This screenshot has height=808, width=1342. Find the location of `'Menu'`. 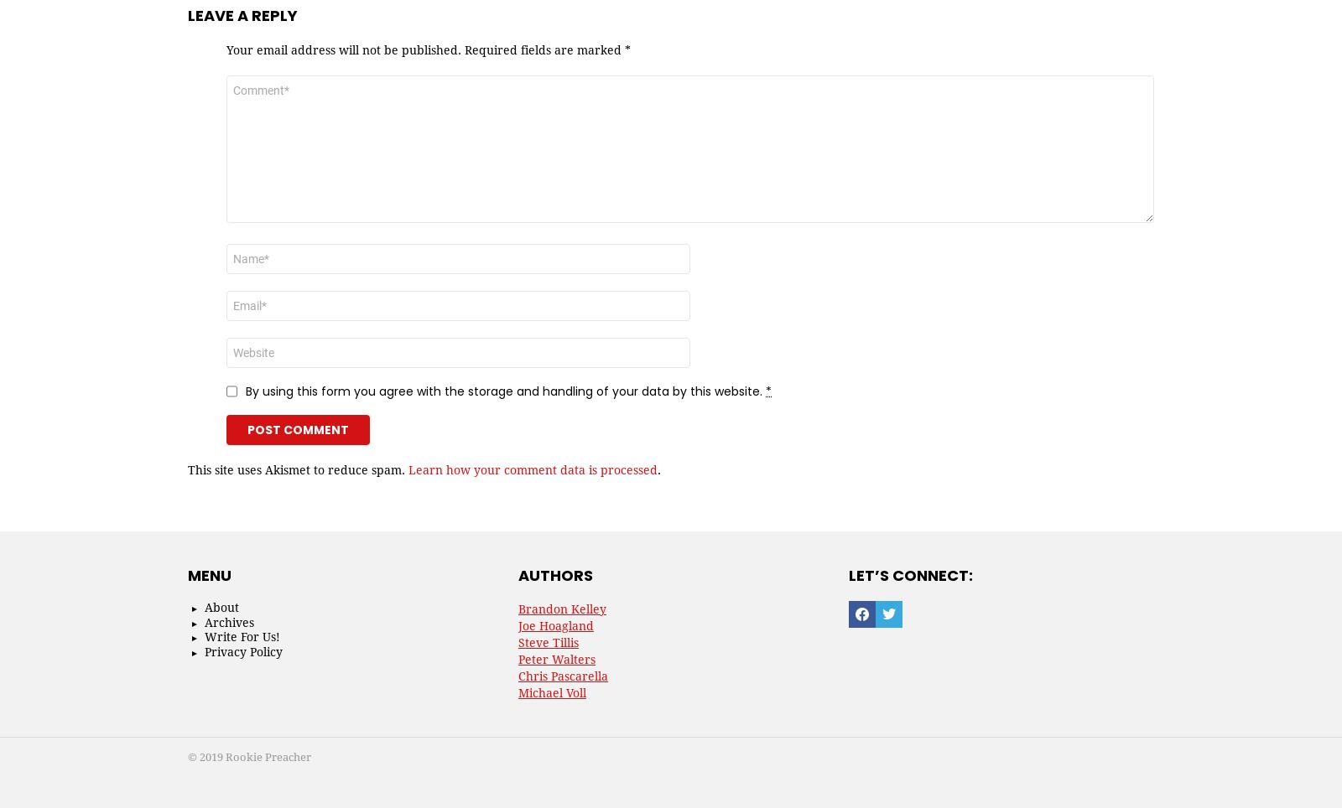

'Menu' is located at coordinates (209, 574).